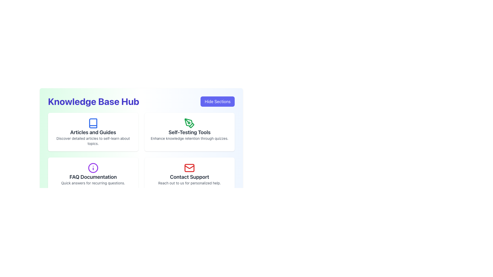 This screenshot has height=277, width=493. What do you see at coordinates (217, 102) in the screenshot?
I see `the toggle button located in the top-right corner of the interface` at bounding box center [217, 102].